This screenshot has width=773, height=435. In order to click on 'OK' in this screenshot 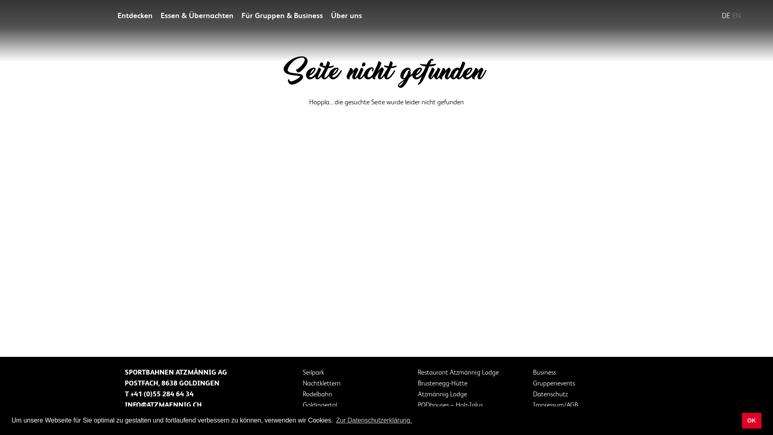, I will do `click(742, 420)`.